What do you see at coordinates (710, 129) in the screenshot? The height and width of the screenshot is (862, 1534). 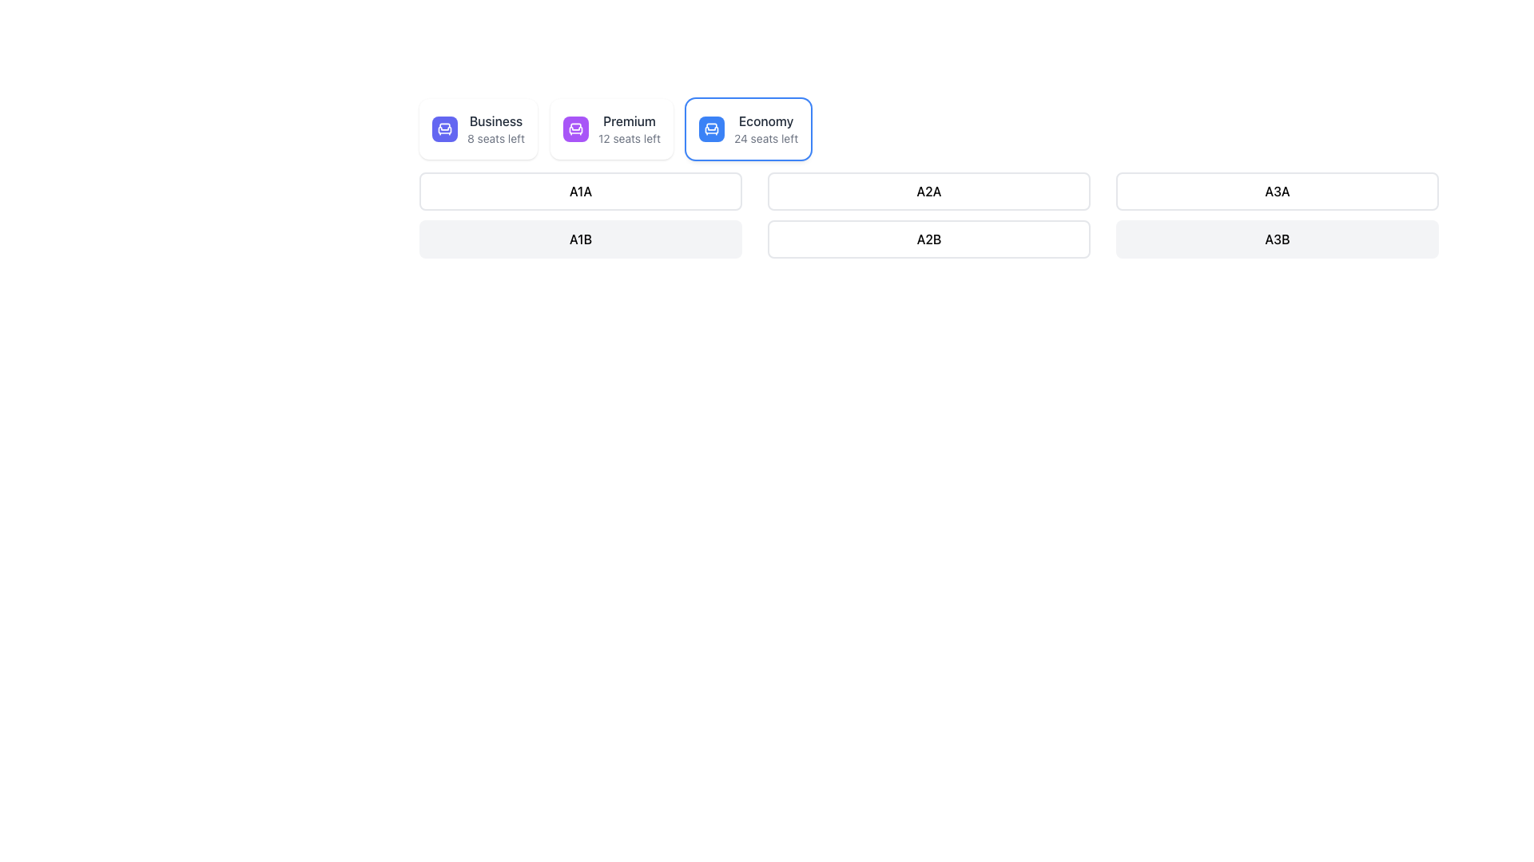 I see `the rounded square-shaped blue button with a white armchair icon in the 'Economy 24 seats left' section` at bounding box center [710, 129].